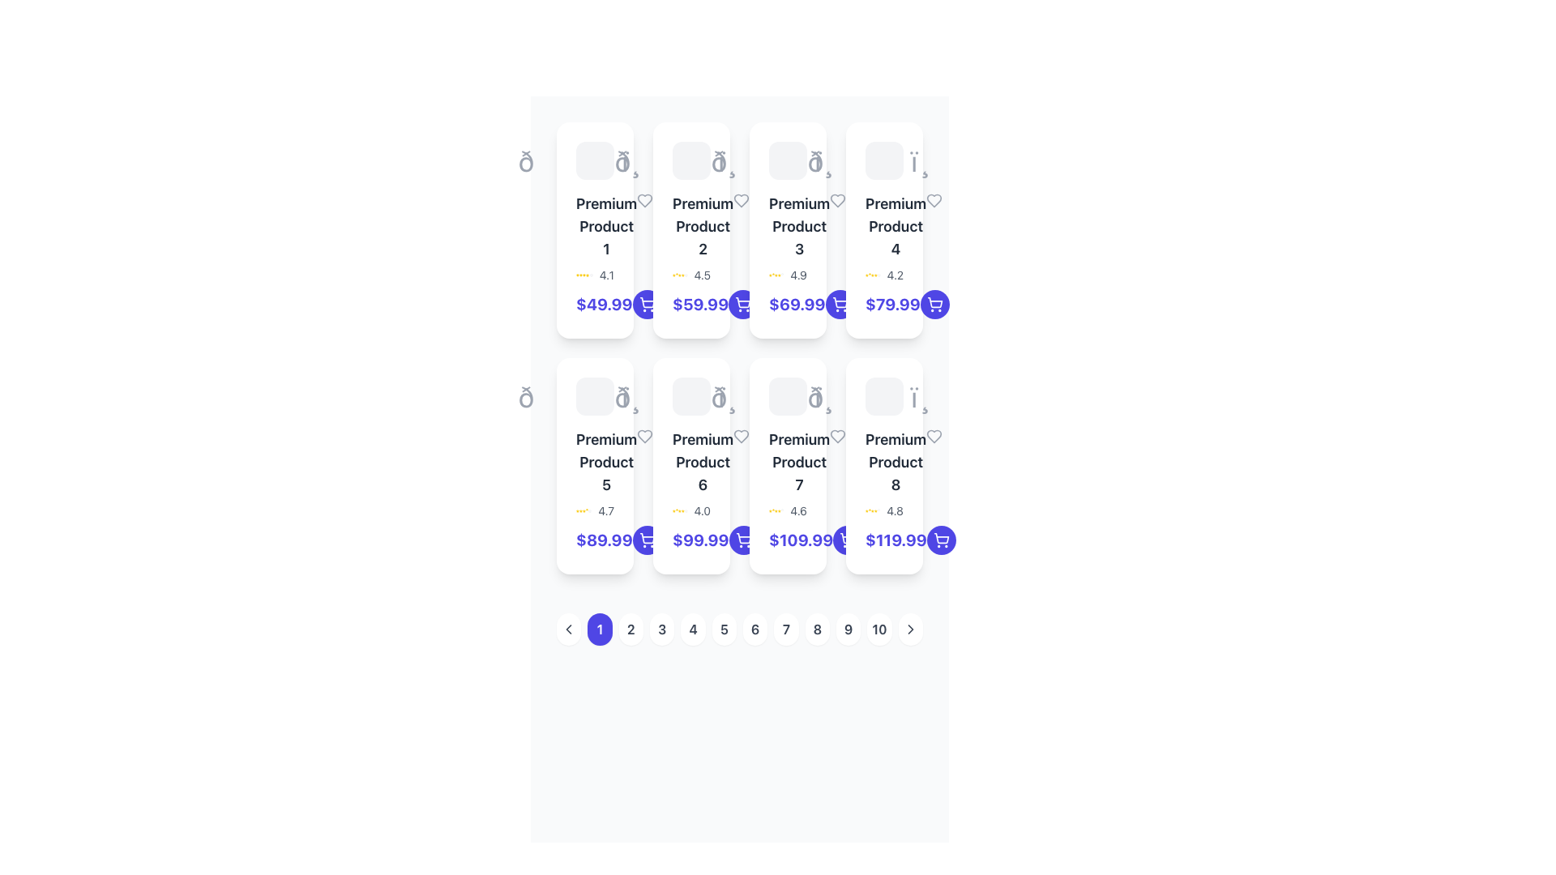 This screenshot has width=1556, height=875. I want to click on the Product information card located in the second row and third column of the grid layout, so click(691, 466).